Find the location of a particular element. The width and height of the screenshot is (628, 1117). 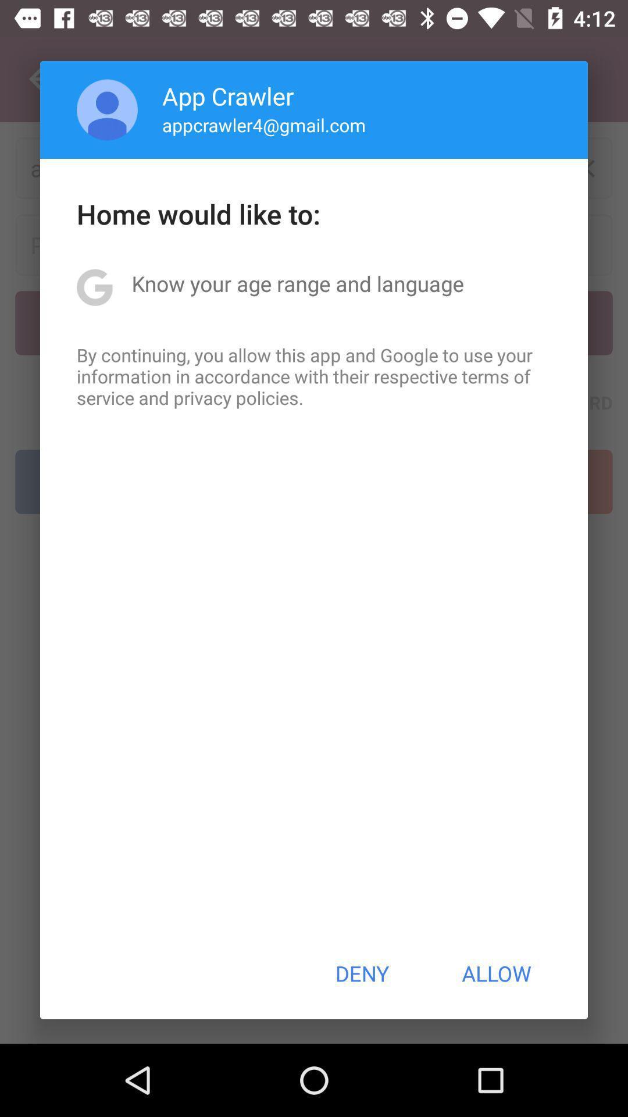

item at the bottom is located at coordinates (361, 973).